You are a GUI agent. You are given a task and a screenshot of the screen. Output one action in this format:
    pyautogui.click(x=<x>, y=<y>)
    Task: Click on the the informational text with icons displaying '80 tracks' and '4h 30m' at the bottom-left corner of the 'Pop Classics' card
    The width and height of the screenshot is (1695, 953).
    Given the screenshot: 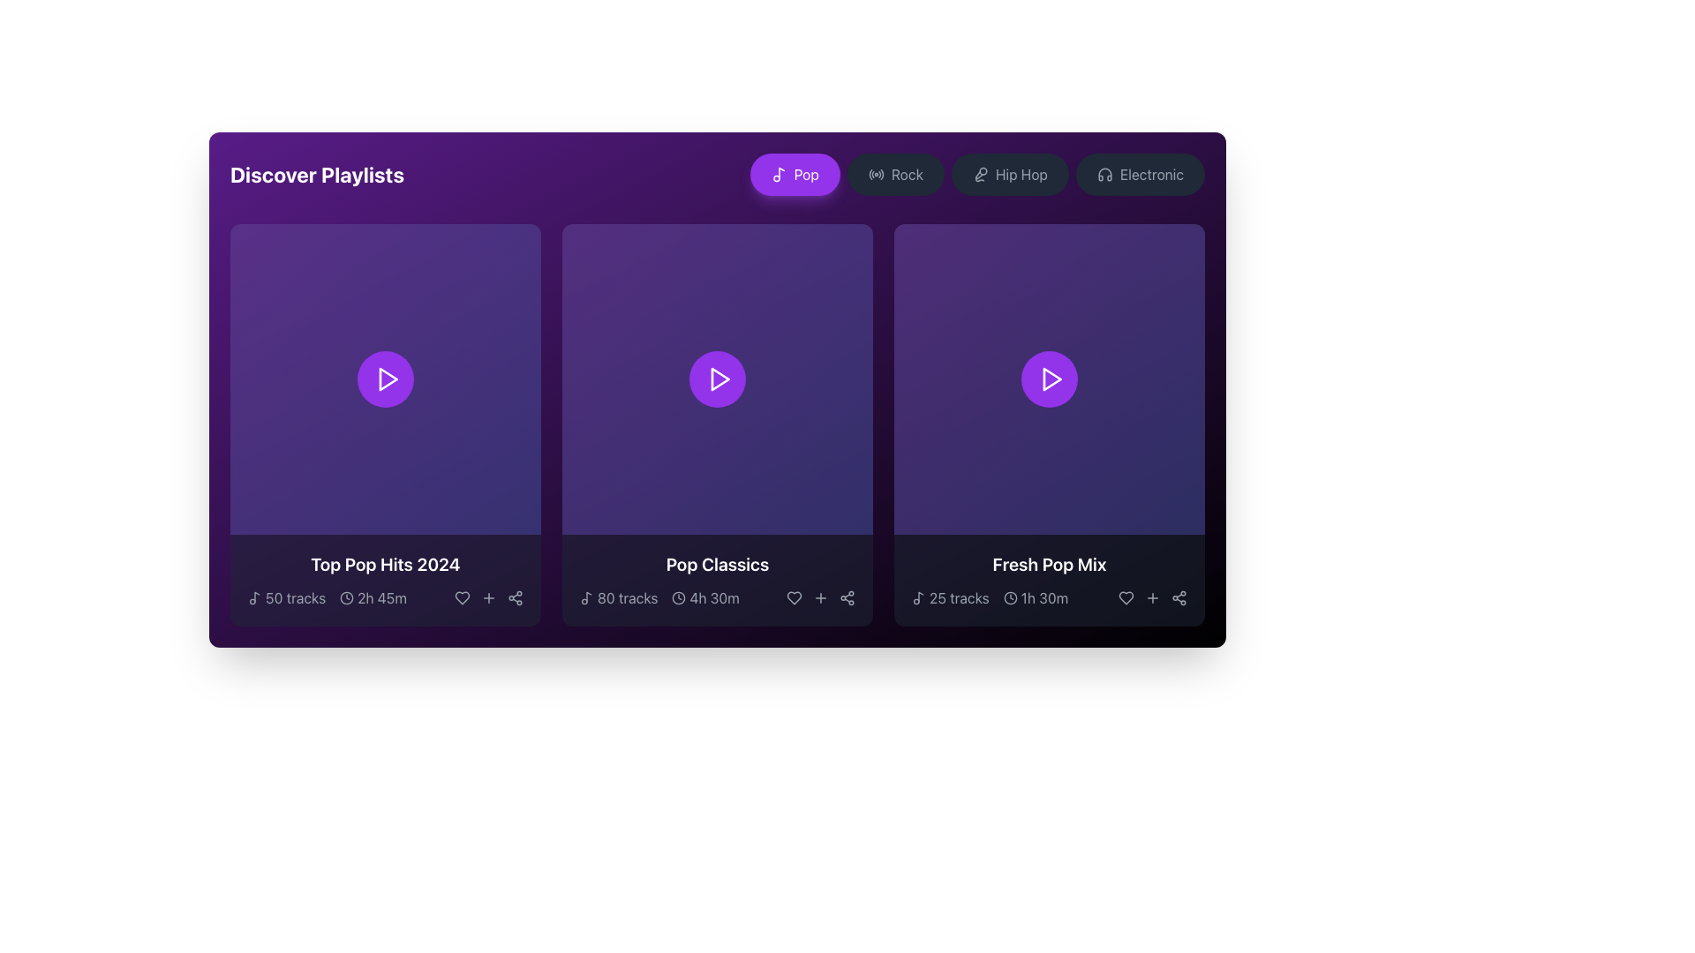 What is the action you would take?
    pyautogui.click(x=659, y=597)
    